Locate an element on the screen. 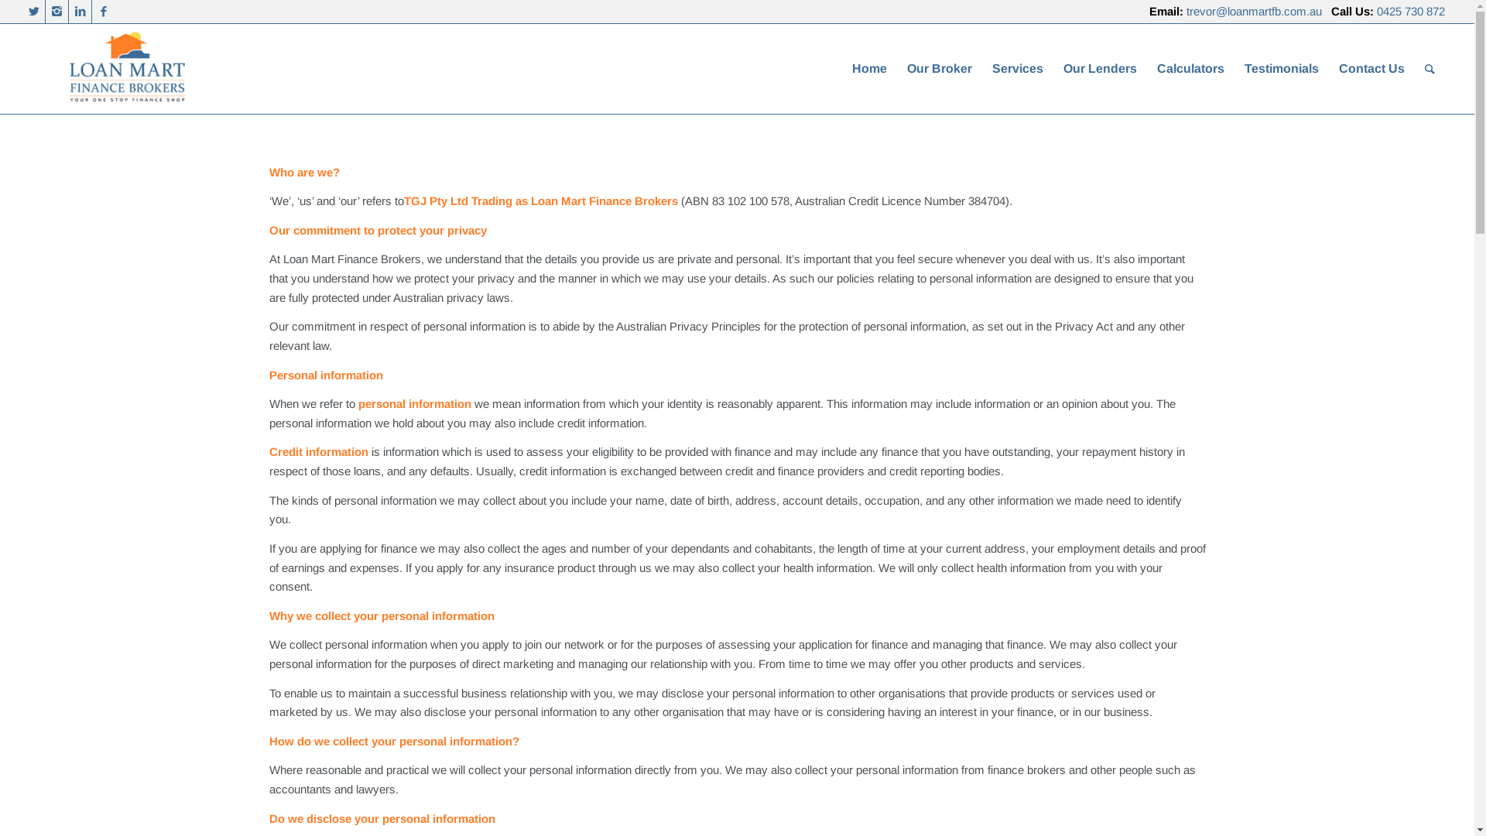  'Calculators' is located at coordinates (1190, 67).